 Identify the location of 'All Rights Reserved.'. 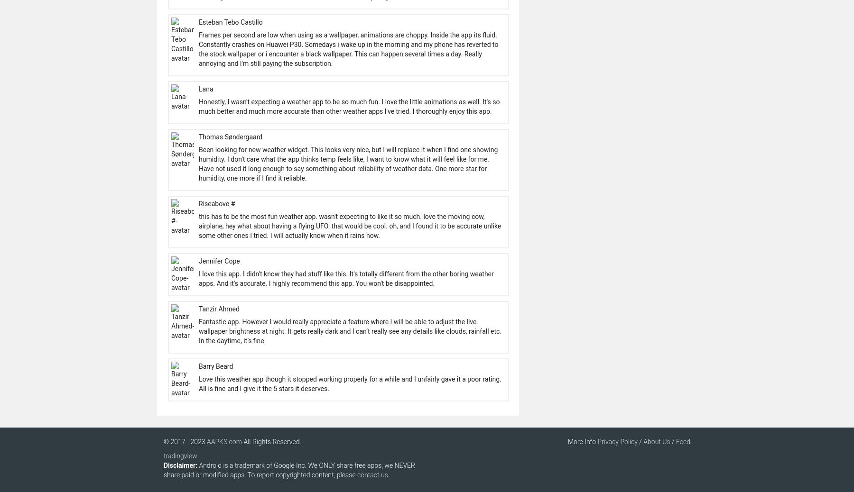
(271, 442).